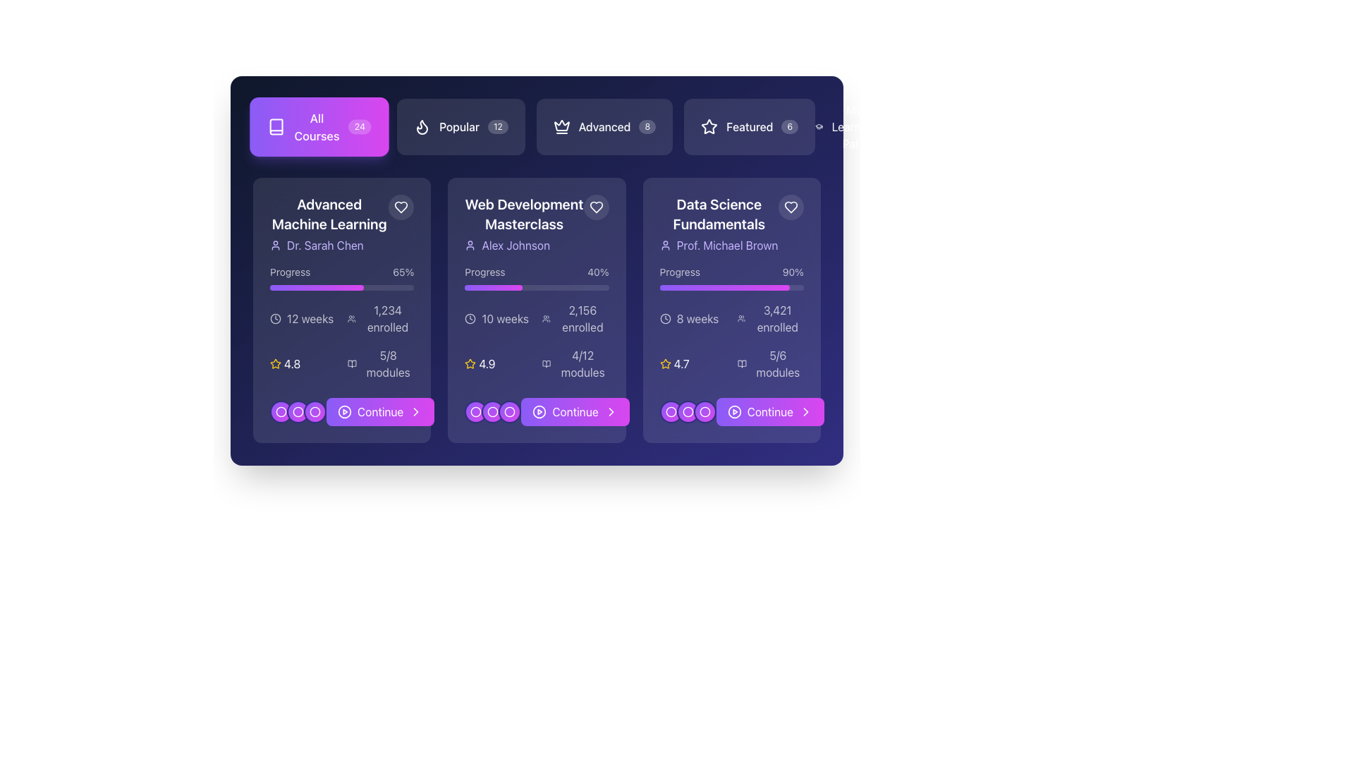 This screenshot has width=1354, height=762. Describe the element at coordinates (470, 318) in the screenshot. I see `the clock icon located in the second card from the left in the main content area, adjacent to the text '10 weeks'` at that location.